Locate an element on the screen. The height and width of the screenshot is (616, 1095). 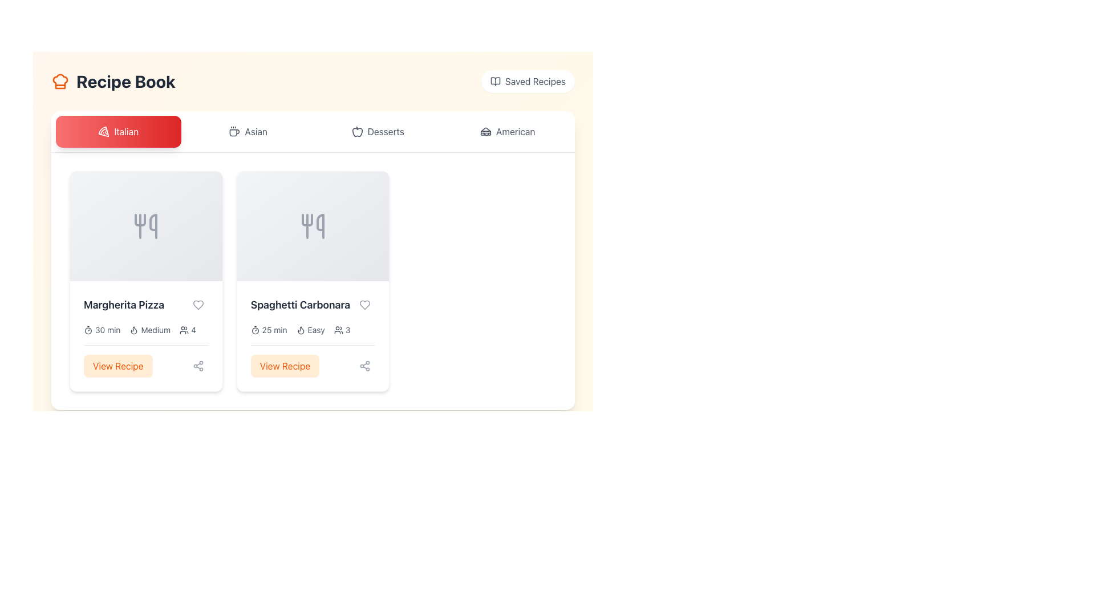
the circular shape in the SVG timer icon located near the top-right corner of the 'Margherita Pizza' card under the 'Italian' category tab is located at coordinates (87, 330).